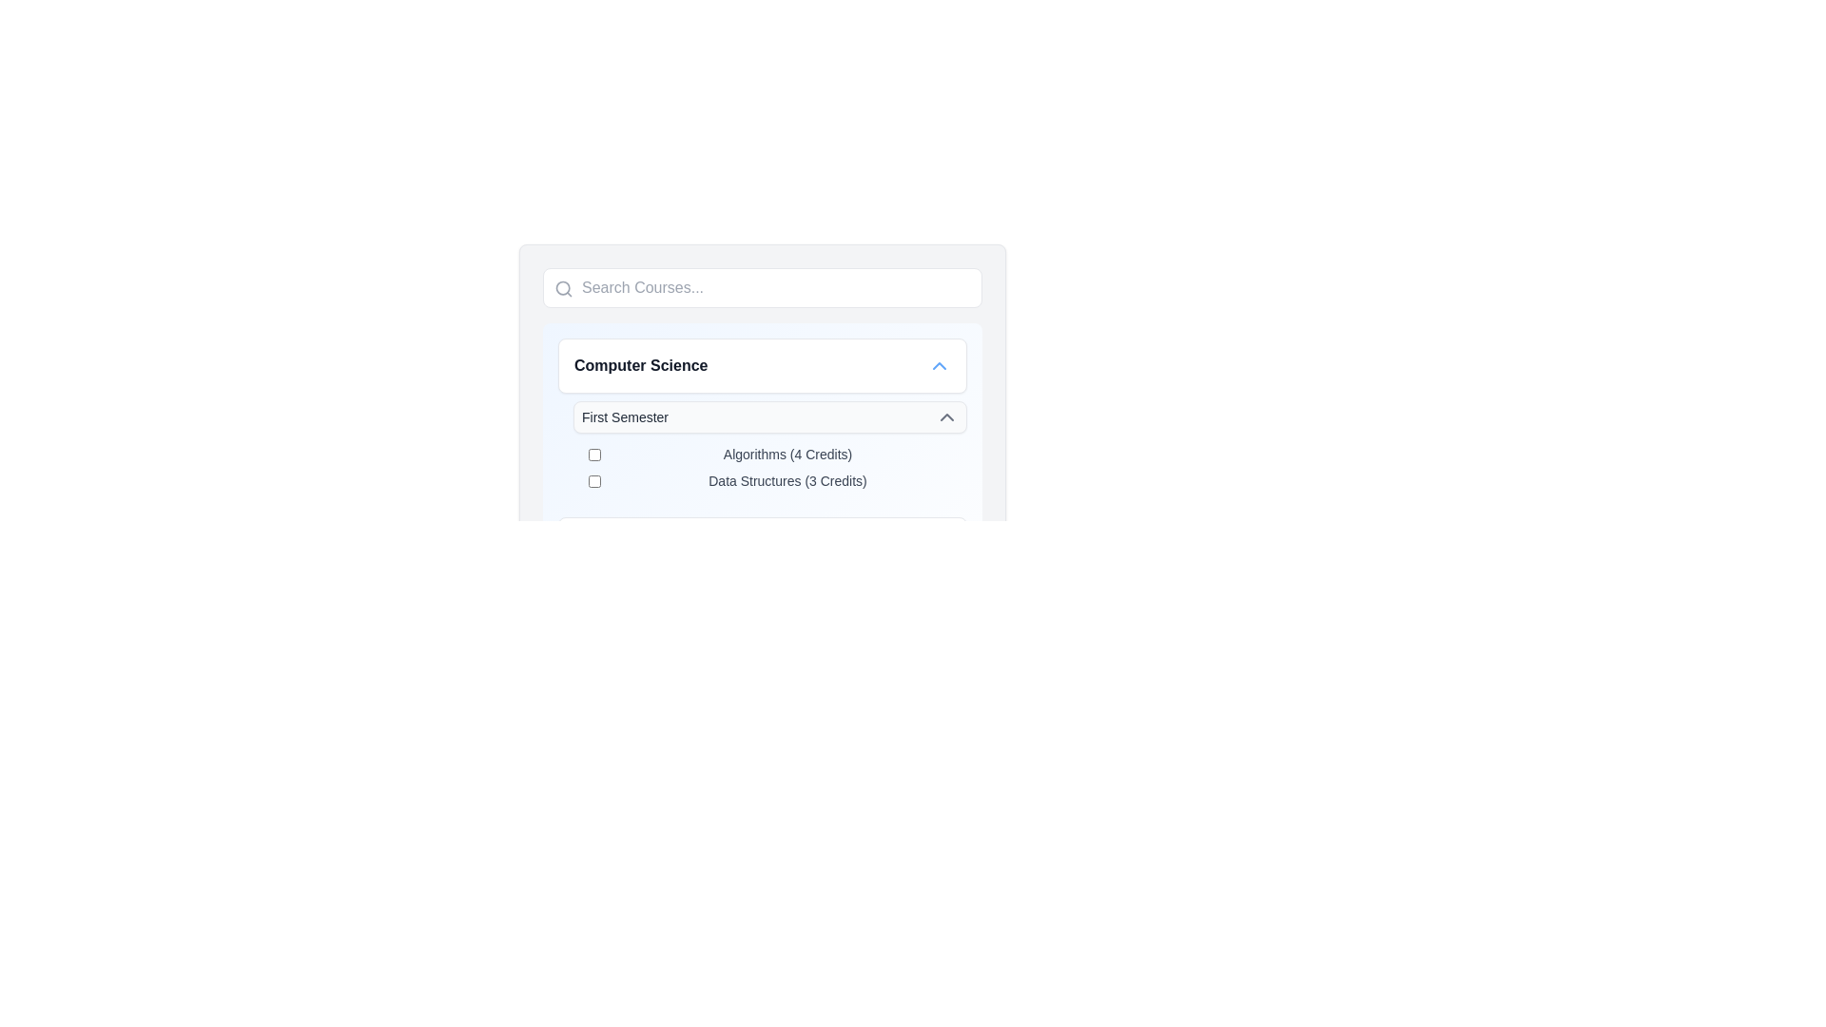  What do you see at coordinates (940, 366) in the screenshot?
I see `the toggle icon located at the far right of the 'Computer Science' button` at bounding box center [940, 366].